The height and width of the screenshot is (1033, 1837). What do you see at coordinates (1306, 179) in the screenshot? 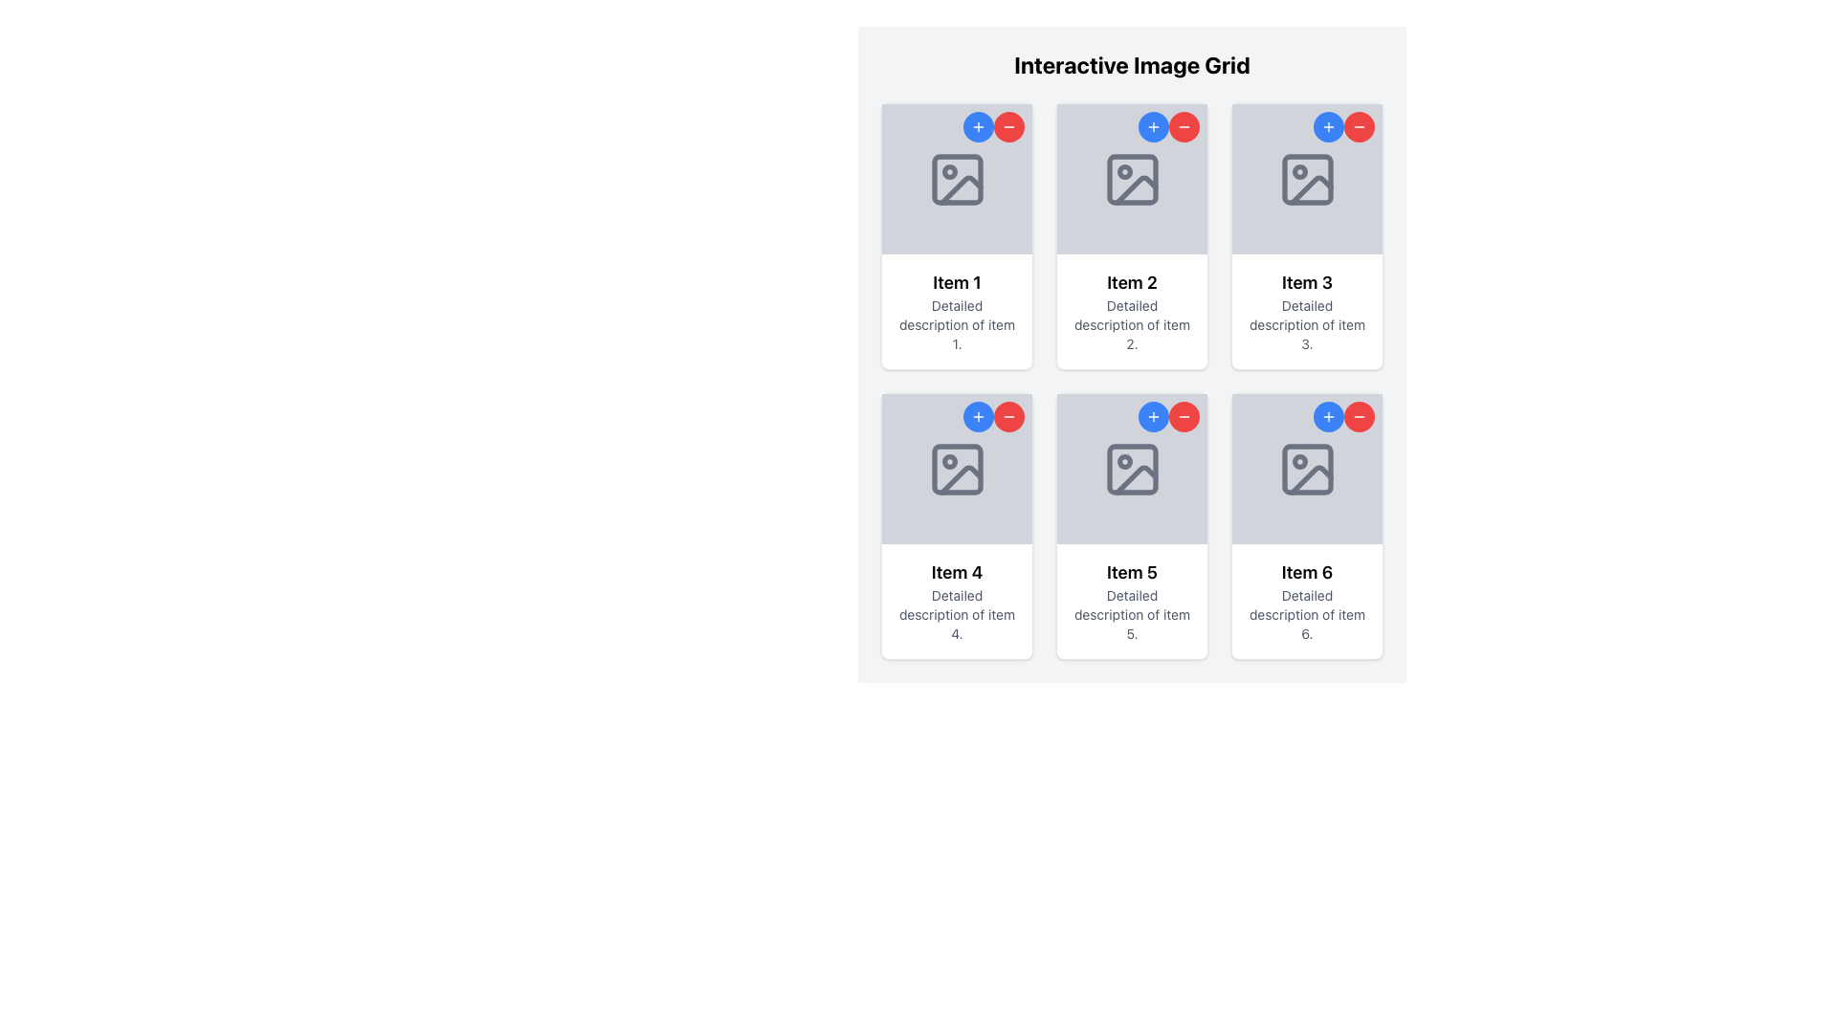
I see `the SVG icon representing an image in the third item box of the upper row in the 'Interactive Image Grid' layout if it is interactive` at bounding box center [1306, 179].